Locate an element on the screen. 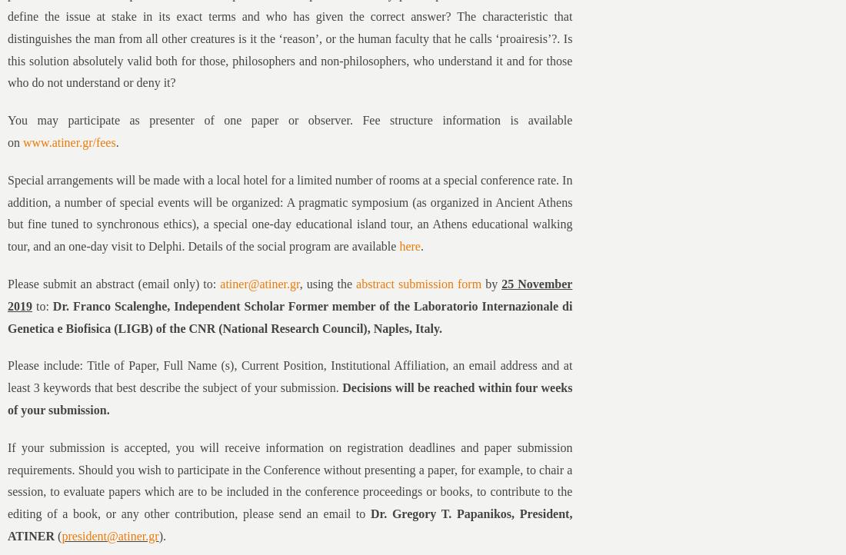 The image size is (846, 555). 'Dr. Gregory T. Papanikos' is located at coordinates (439, 513).